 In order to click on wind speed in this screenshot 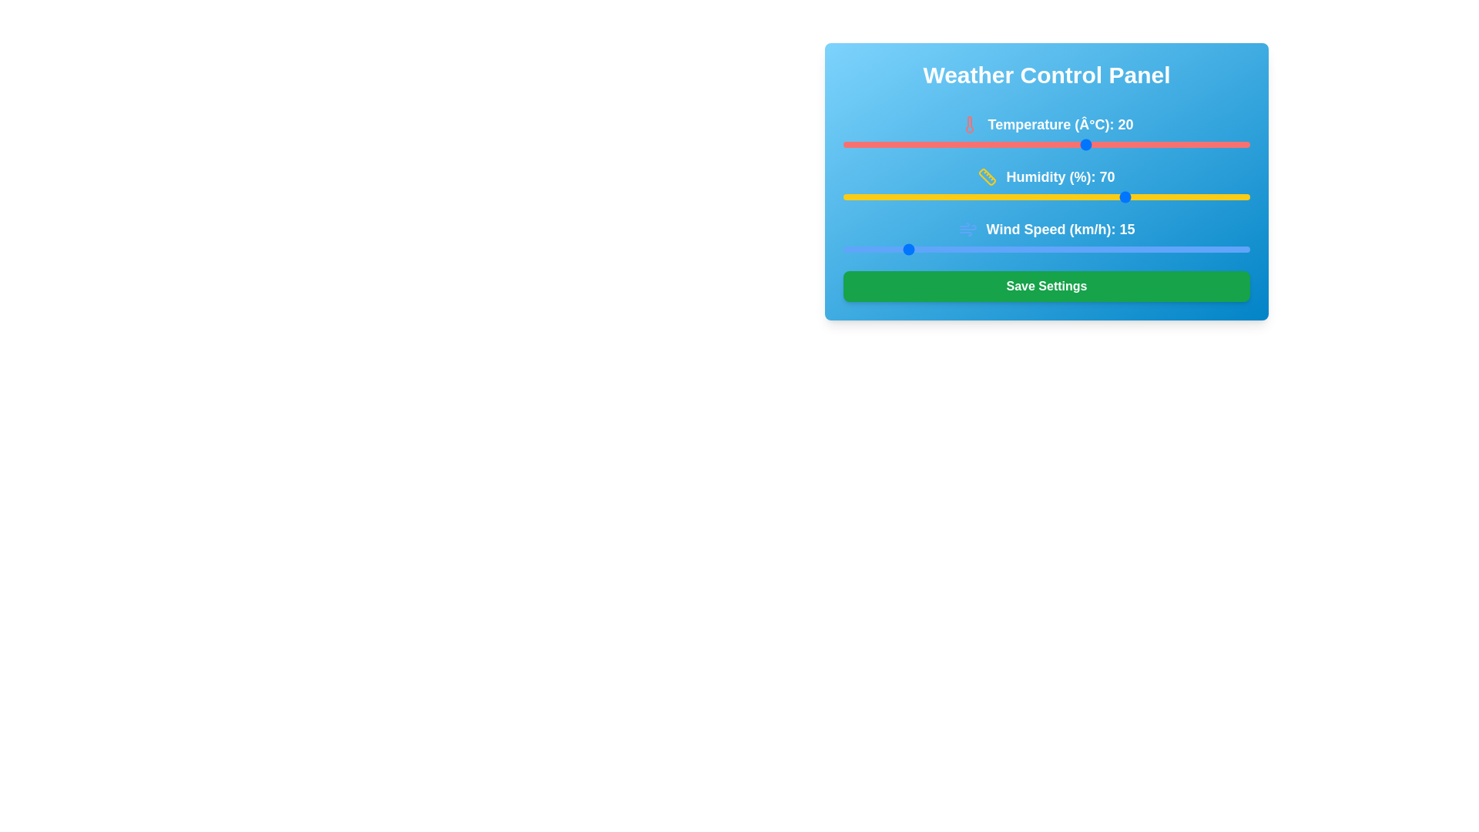, I will do `click(956, 249)`.